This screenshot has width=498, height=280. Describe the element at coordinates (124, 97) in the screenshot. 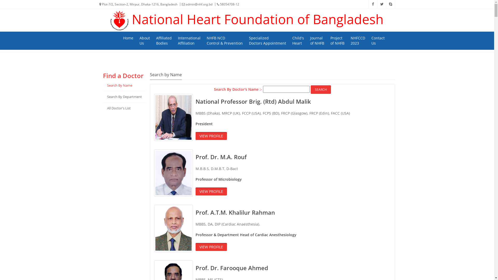

I see `'Search By Department'` at that location.